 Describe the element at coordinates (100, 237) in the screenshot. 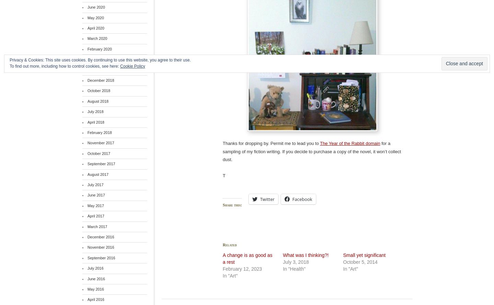

I see `'December 2016'` at that location.